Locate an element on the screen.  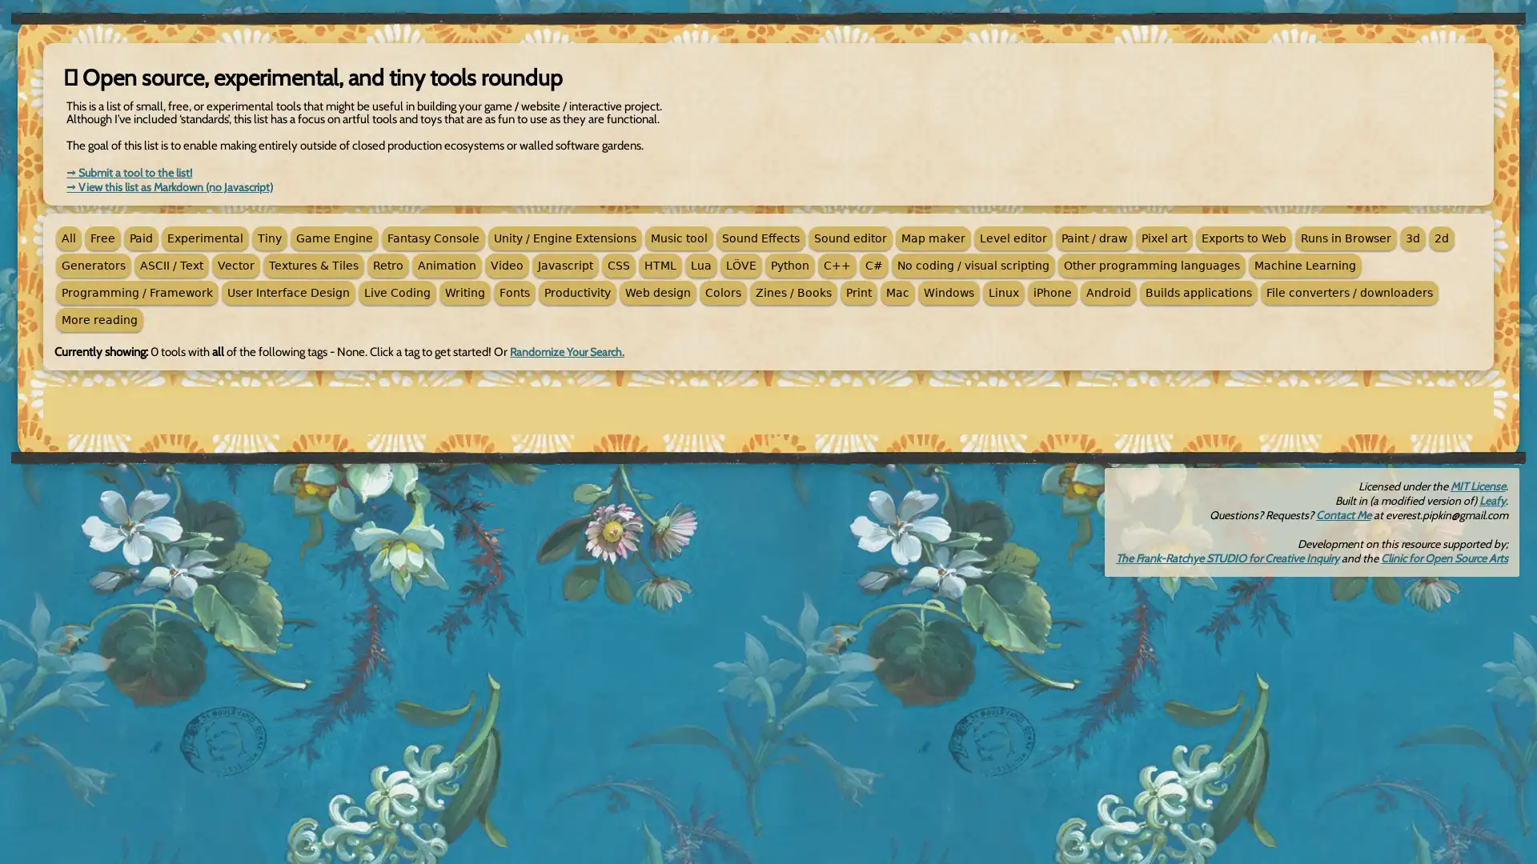
Fantasy Console is located at coordinates (433, 238).